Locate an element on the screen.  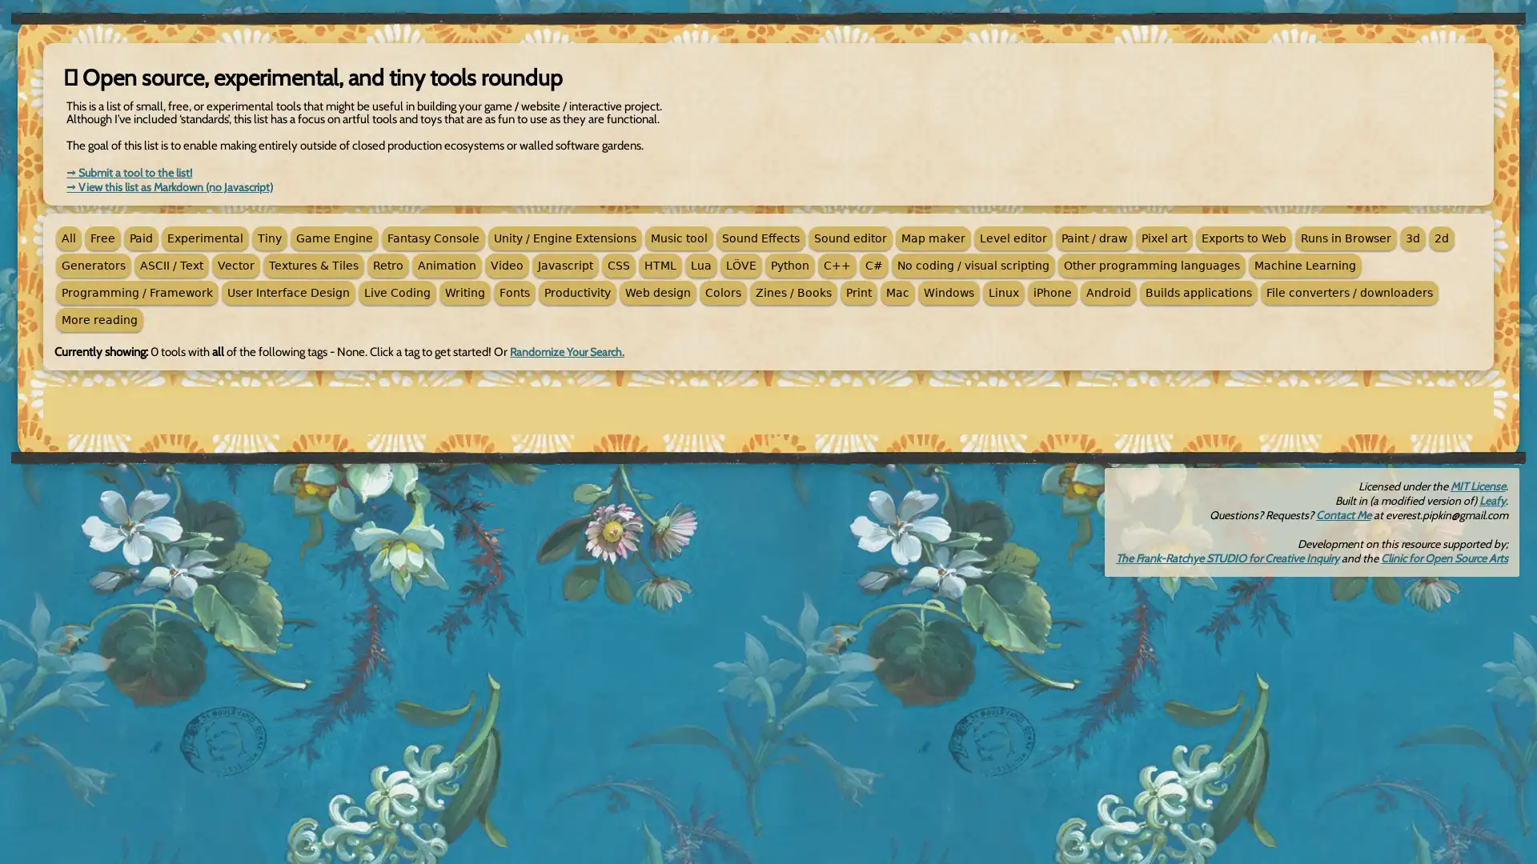
Fantasy Console is located at coordinates (433, 238).